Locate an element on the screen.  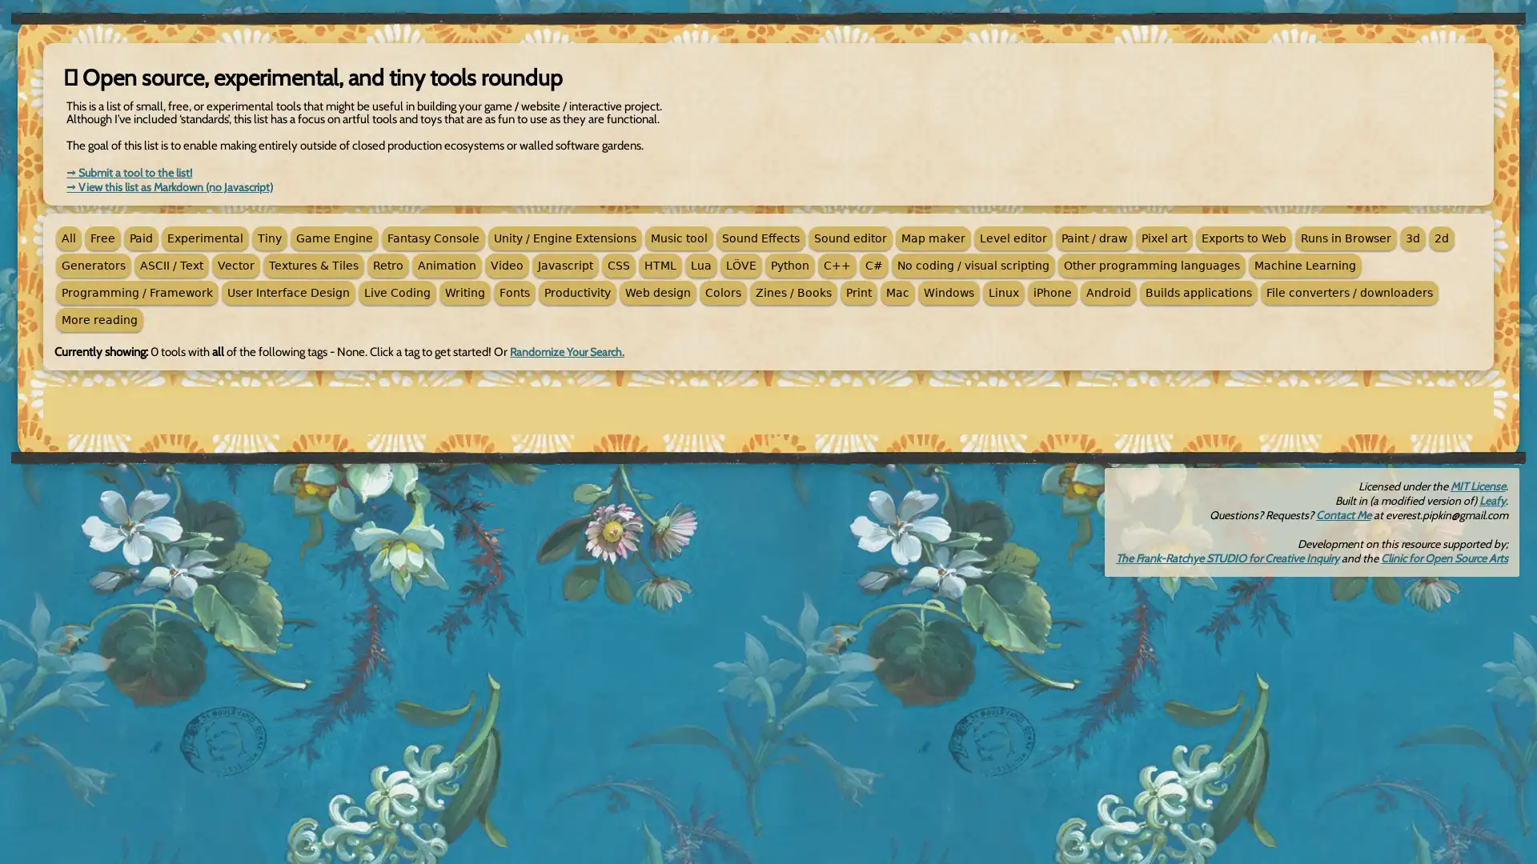
Fantasy Console is located at coordinates (433, 238).